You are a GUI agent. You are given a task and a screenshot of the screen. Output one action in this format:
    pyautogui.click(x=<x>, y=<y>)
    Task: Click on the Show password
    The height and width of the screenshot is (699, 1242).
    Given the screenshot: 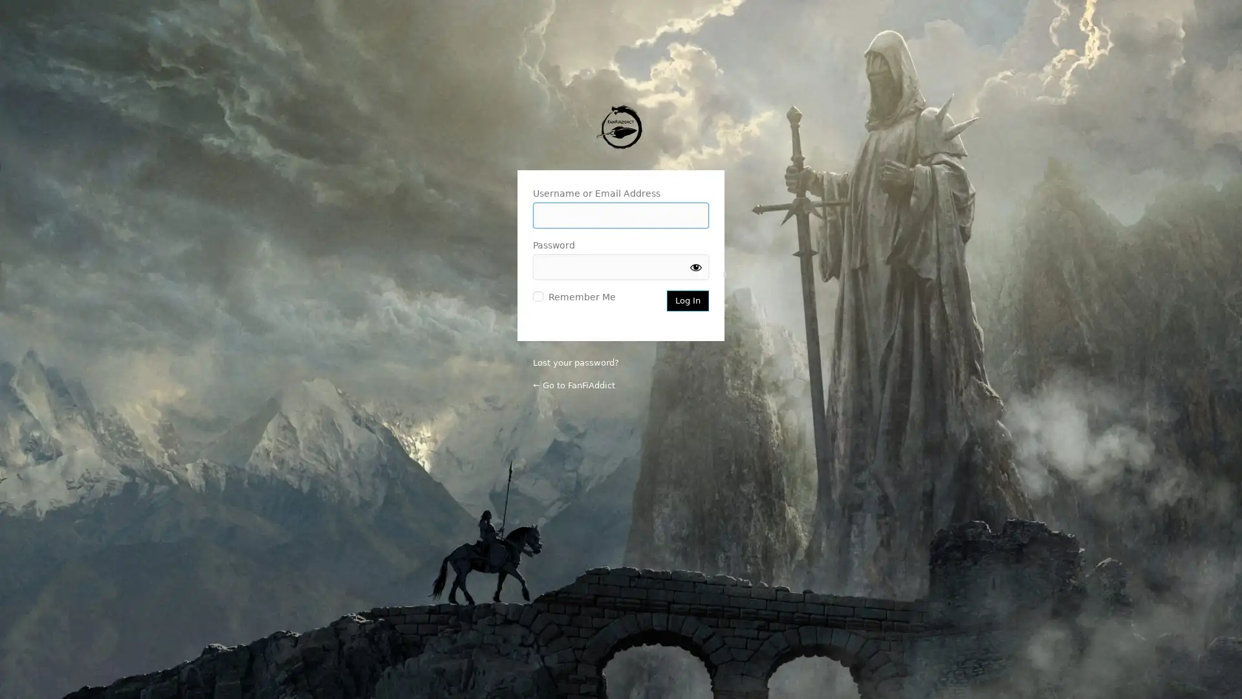 What is the action you would take?
    pyautogui.click(x=695, y=266)
    